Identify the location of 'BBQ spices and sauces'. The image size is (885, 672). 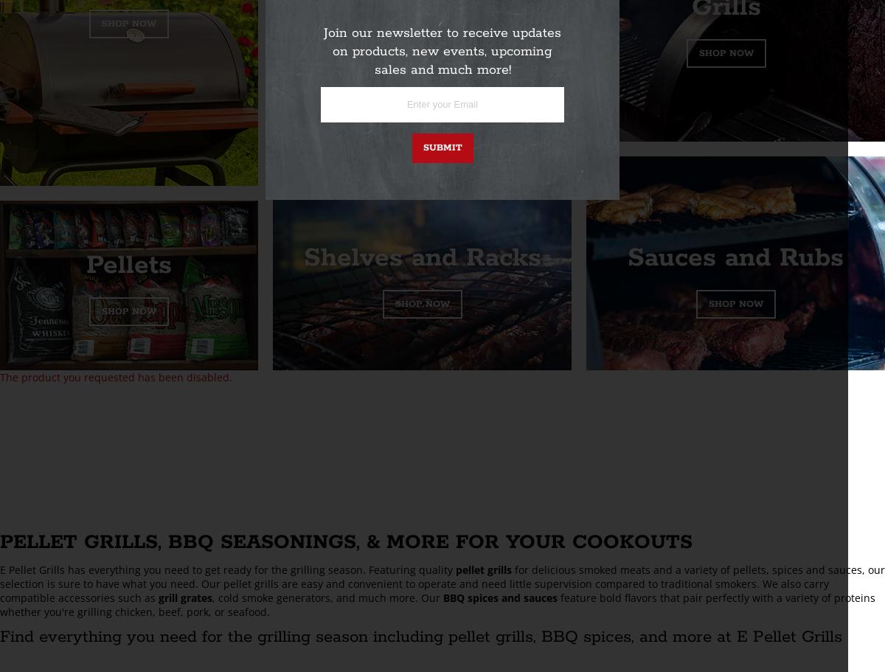
(500, 597).